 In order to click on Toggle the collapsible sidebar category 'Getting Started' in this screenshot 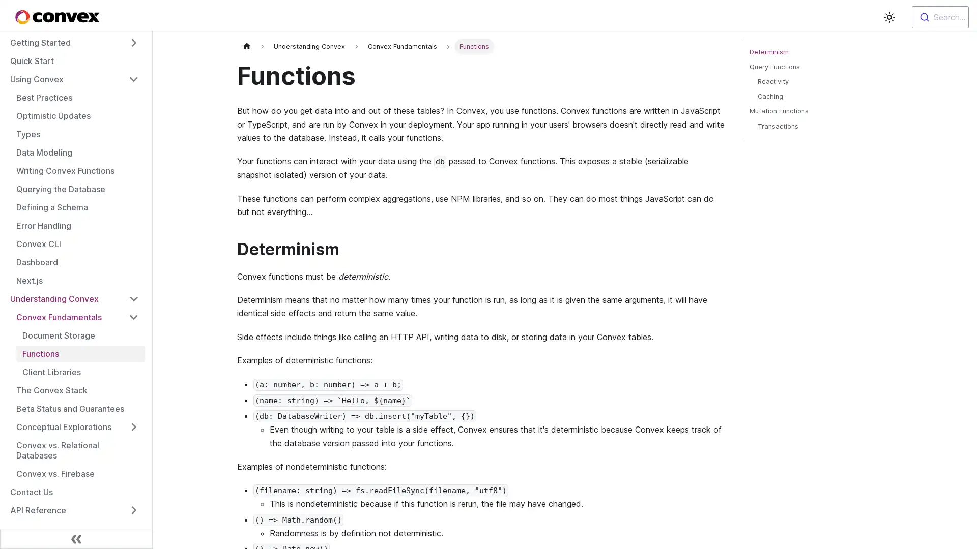, I will do `click(133, 42)`.